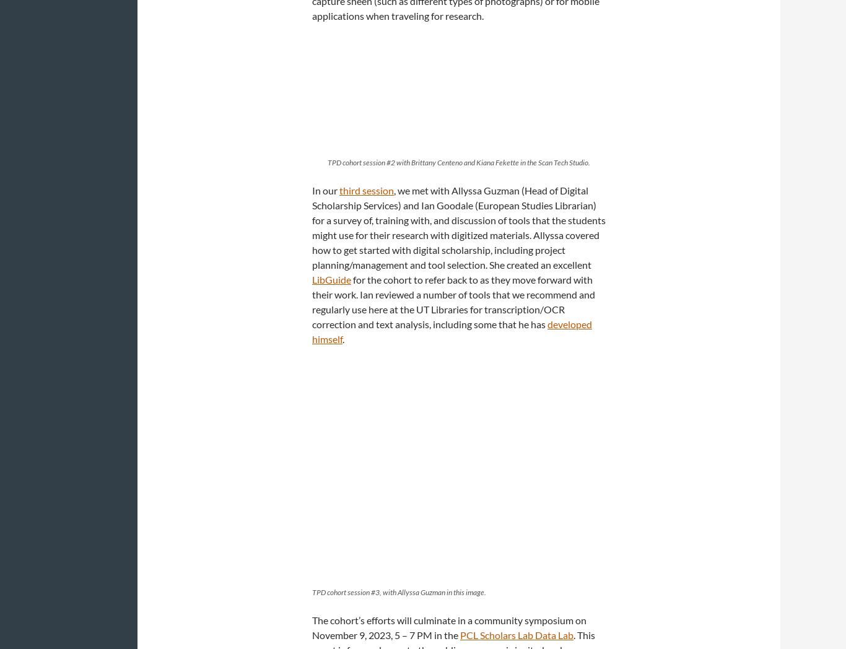 The image size is (846, 649). I want to click on 'PCL Scholars Lab Data Lab', so click(516, 635).